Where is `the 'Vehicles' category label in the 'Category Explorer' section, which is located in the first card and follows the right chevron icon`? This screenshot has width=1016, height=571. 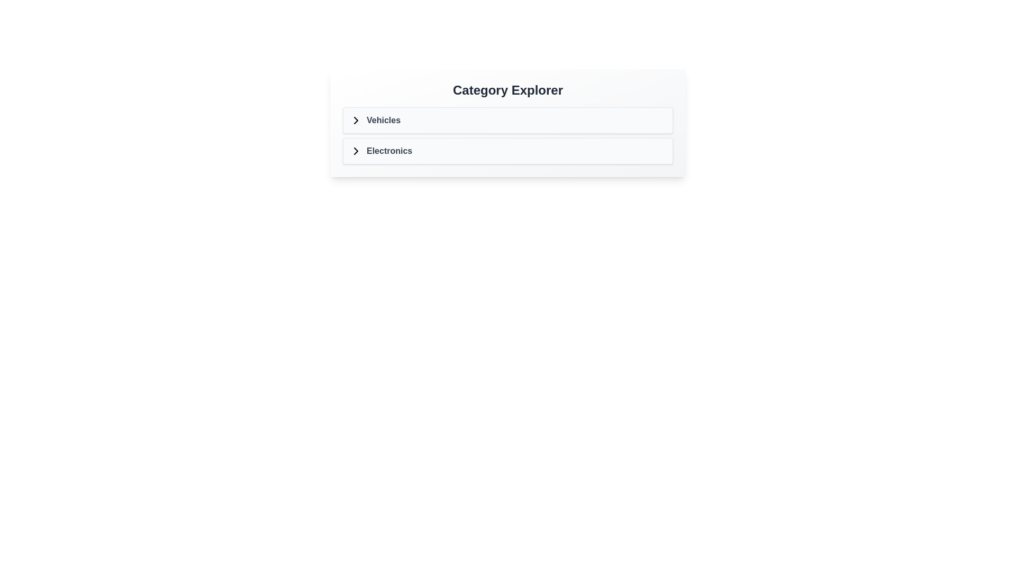 the 'Vehicles' category label in the 'Category Explorer' section, which is located in the first card and follows the right chevron icon is located at coordinates (383, 119).